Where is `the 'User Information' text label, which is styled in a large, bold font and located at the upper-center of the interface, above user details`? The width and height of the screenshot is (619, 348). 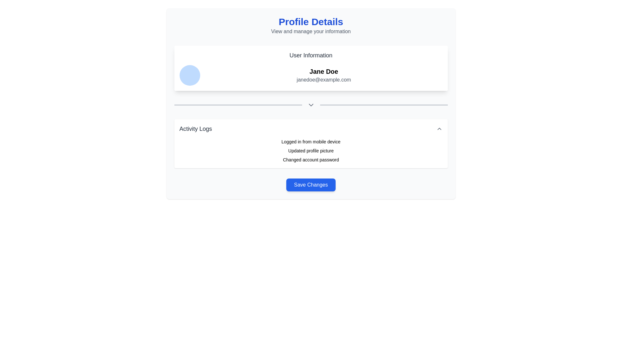
the 'User Information' text label, which is styled in a large, bold font and located at the upper-center of the interface, above user details is located at coordinates (311, 55).